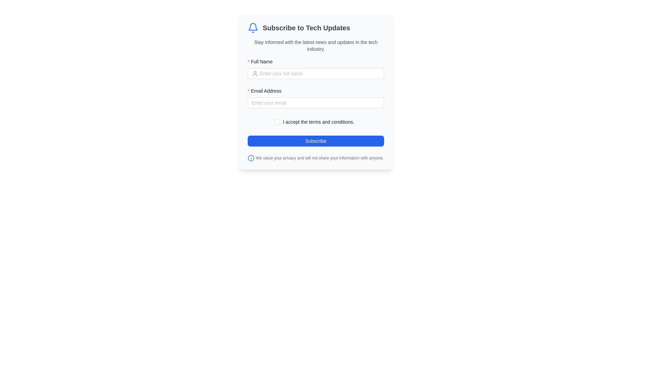 The width and height of the screenshot is (655, 368). What do you see at coordinates (316, 140) in the screenshot?
I see `the 'Submit' button located at the lower-central area of the subscription form titled 'Subscribe to Tech Updates'` at bounding box center [316, 140].